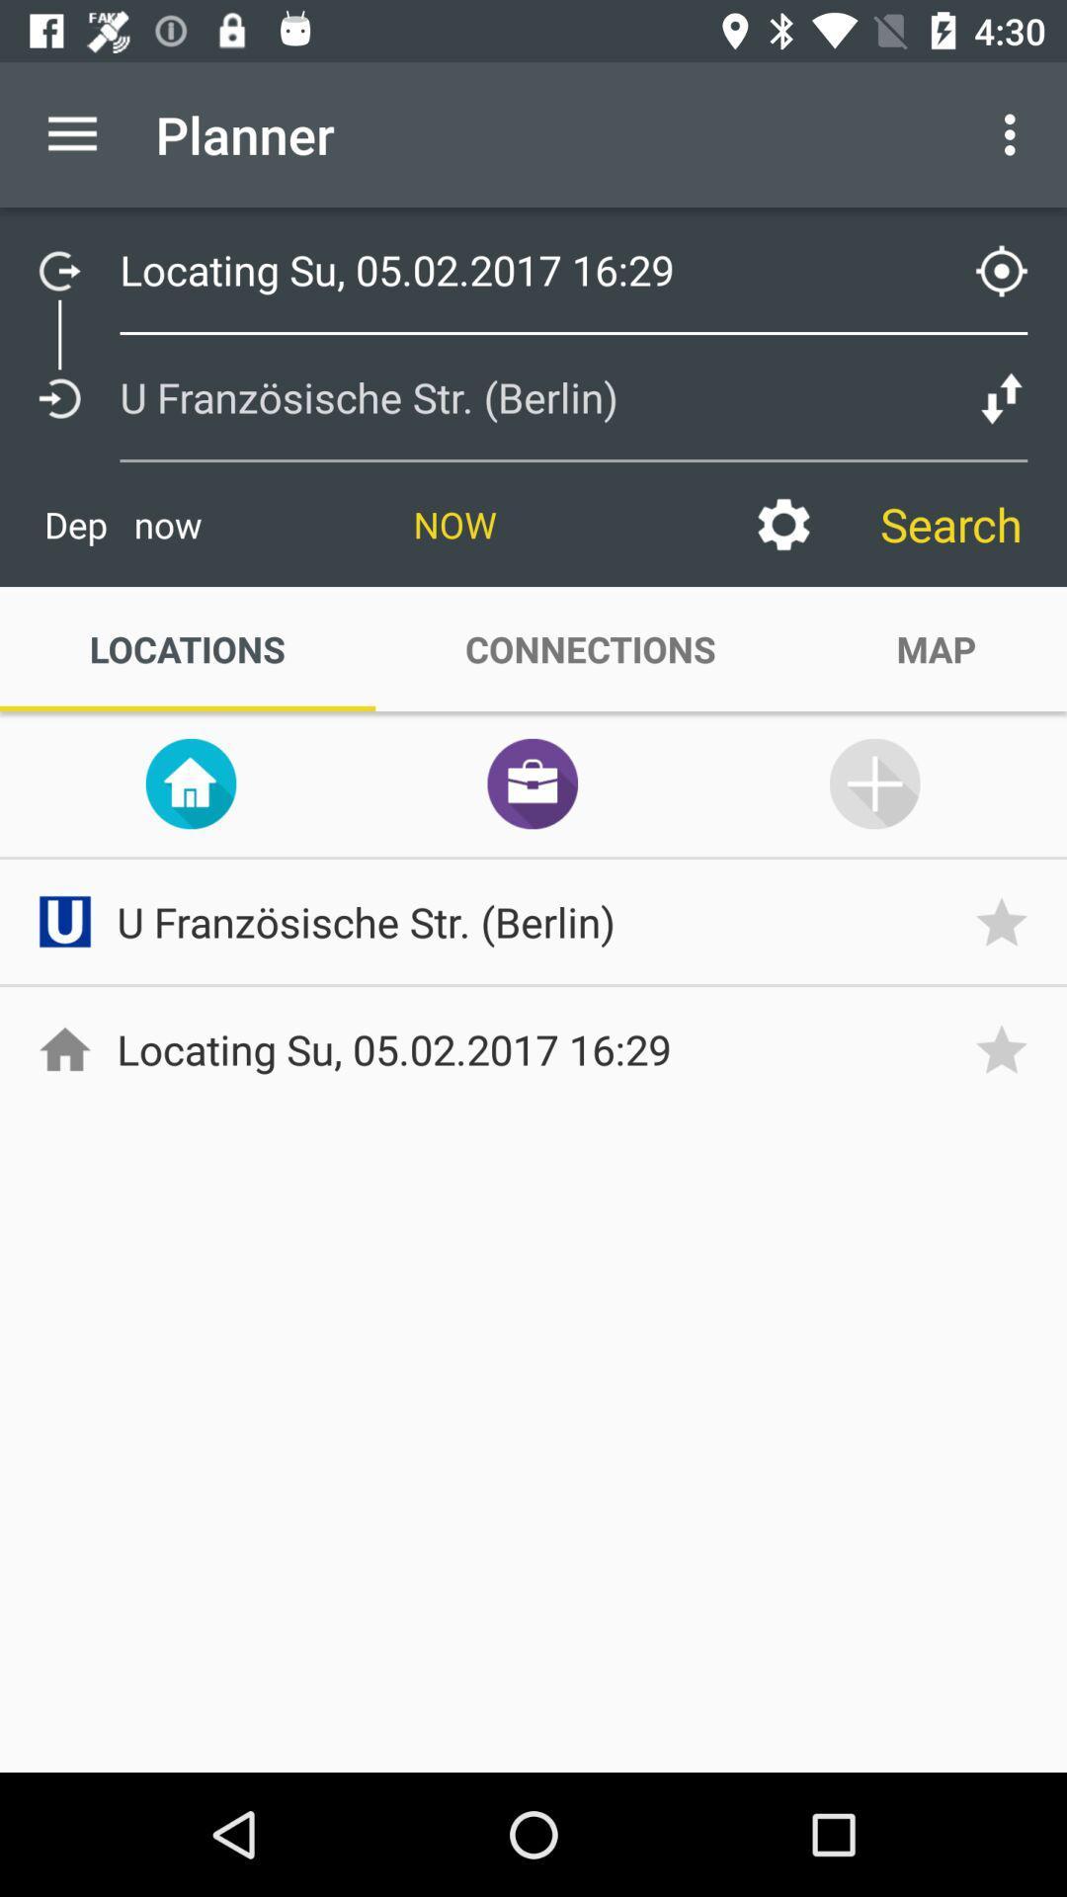 This screenshot has height=1897, width=1067. Describe the element at coordinates (191, 783) in the screenshot. I see `home button` at that location.